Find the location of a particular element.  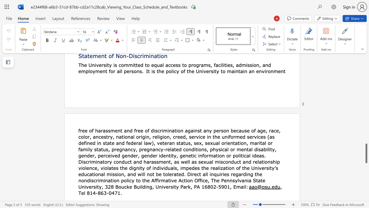

the side scrollbar to bring the page up is located at coordinates (366, 139).